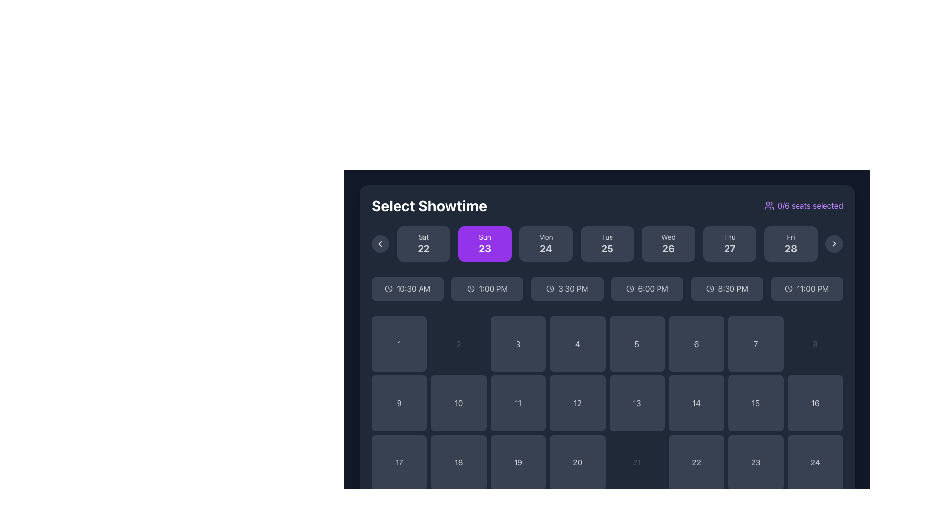 This screenshot has height=528, width=940. Describe the element at coordinates (423, 237) in the screenshot. I see `text label indicating the day of the week, which displays 'Sat' for the date button '22' in the calendar interface` at that location.